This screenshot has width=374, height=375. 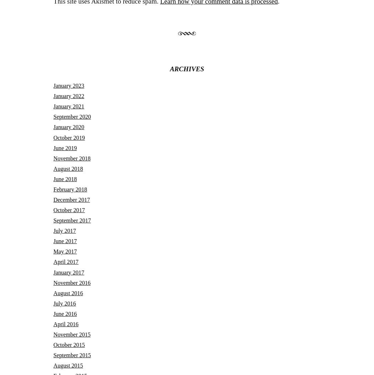 I want to click on 'November 2016', so click(x=53, y=282).